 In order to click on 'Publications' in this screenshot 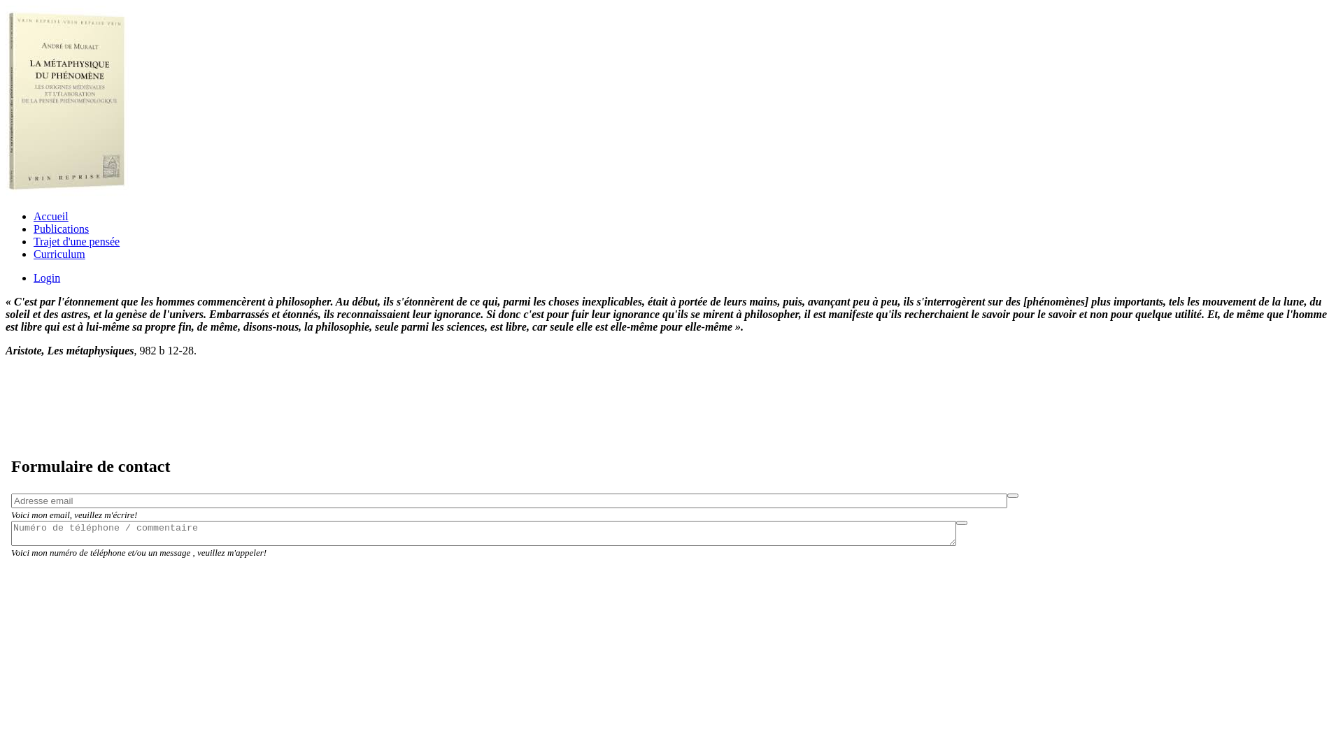, I will do `click(34, 228)`.